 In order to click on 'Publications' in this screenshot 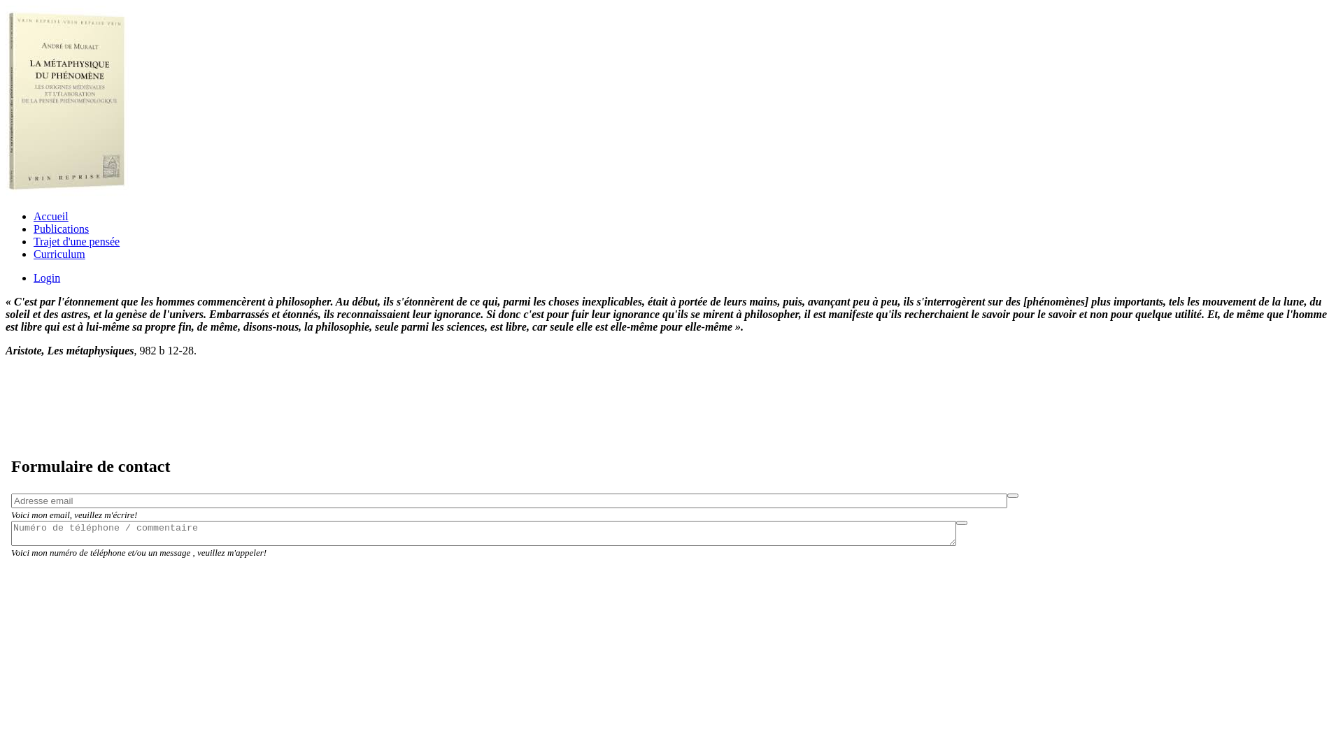, I will do `click(34, 228)`.